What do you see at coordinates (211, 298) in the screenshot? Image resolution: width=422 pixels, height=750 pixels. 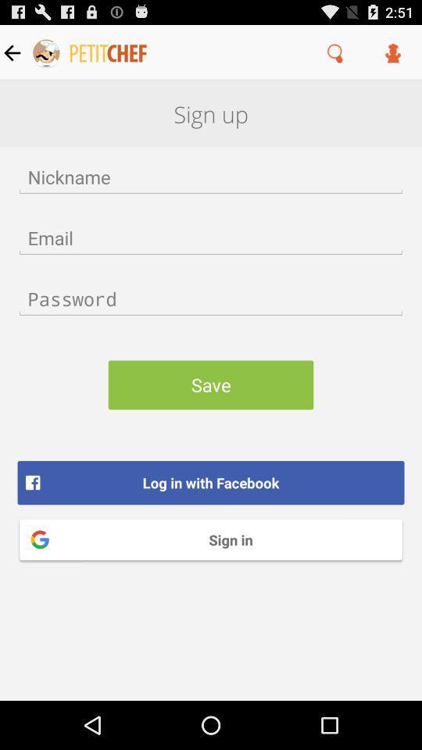 I see `password` at bounding box center [211, 298].